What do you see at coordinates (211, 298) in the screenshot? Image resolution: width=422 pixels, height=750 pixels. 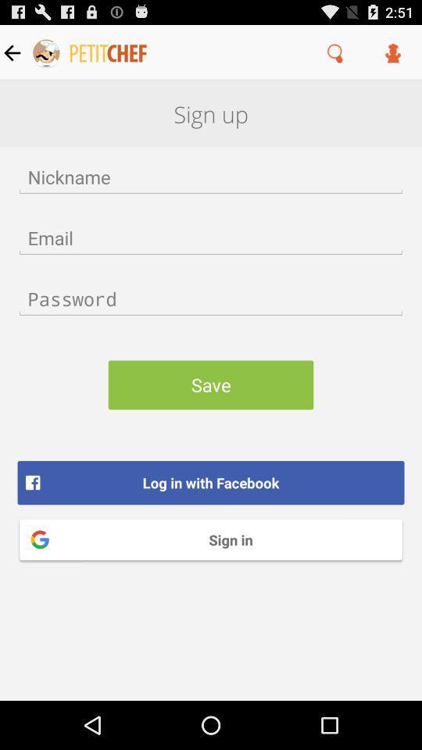 I see `password` at bounding box center [211, 298].